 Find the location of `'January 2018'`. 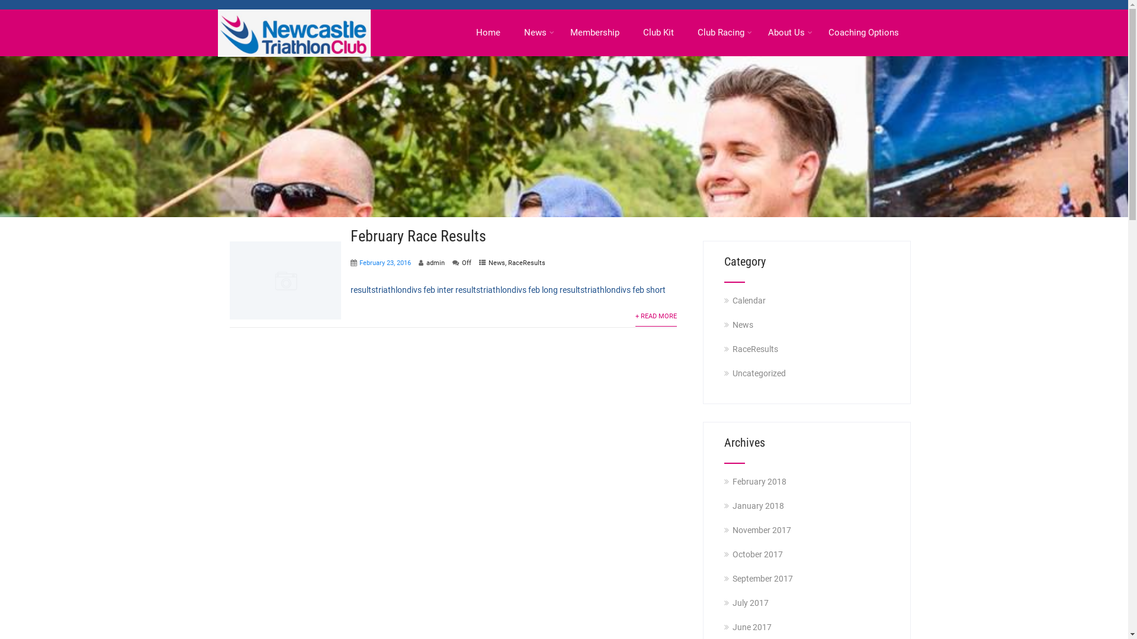

'January 2018' is located at coordinates (758, 506).